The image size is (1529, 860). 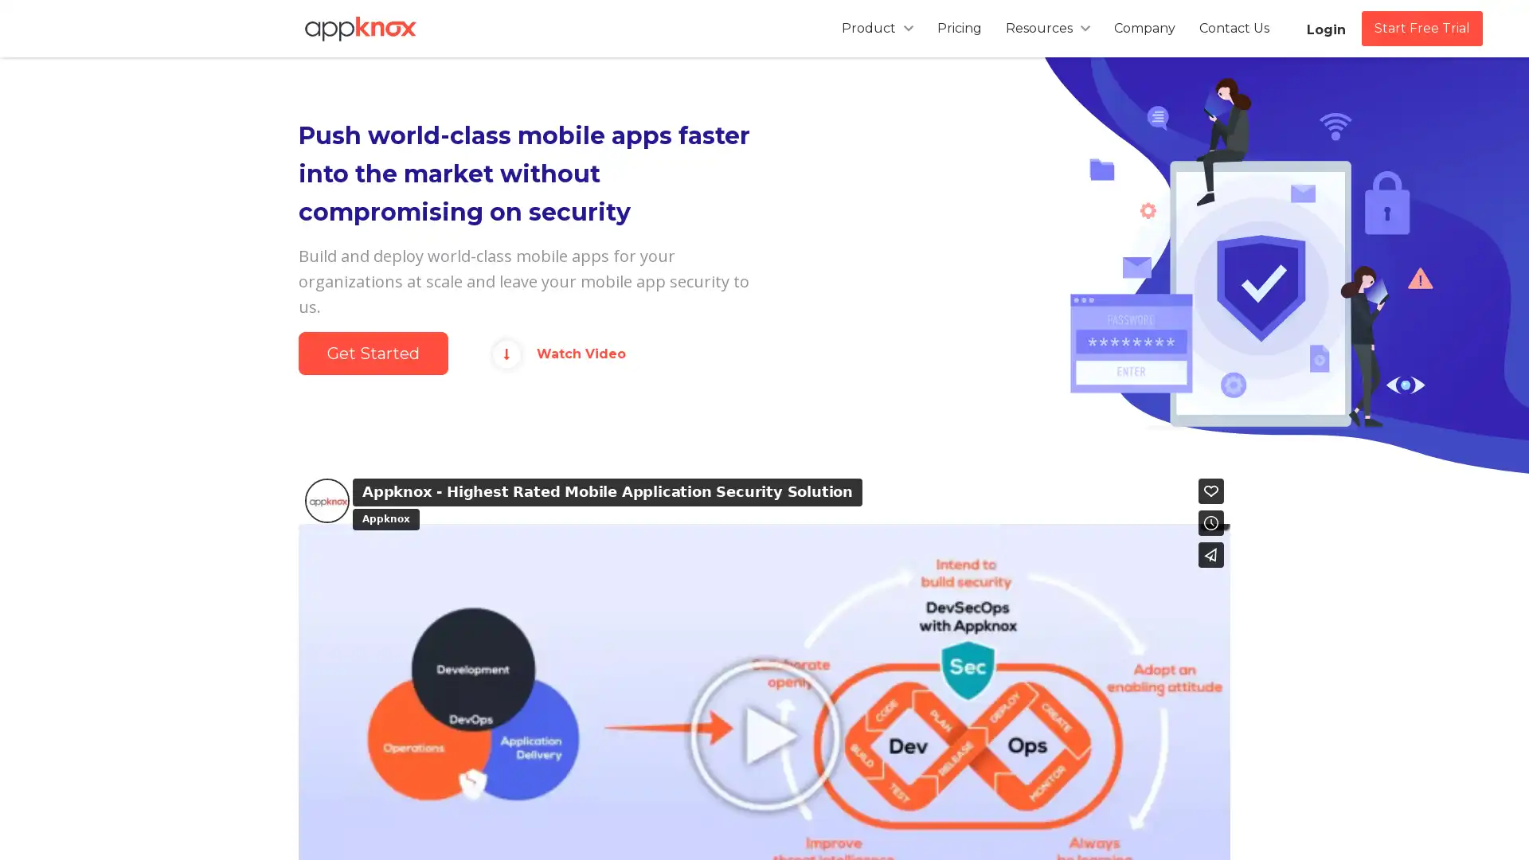 What do you see at coordinates (764, 262) in the screenshot?
I see `Watch Appknox Product Demo` at bounding box center [764, 262].